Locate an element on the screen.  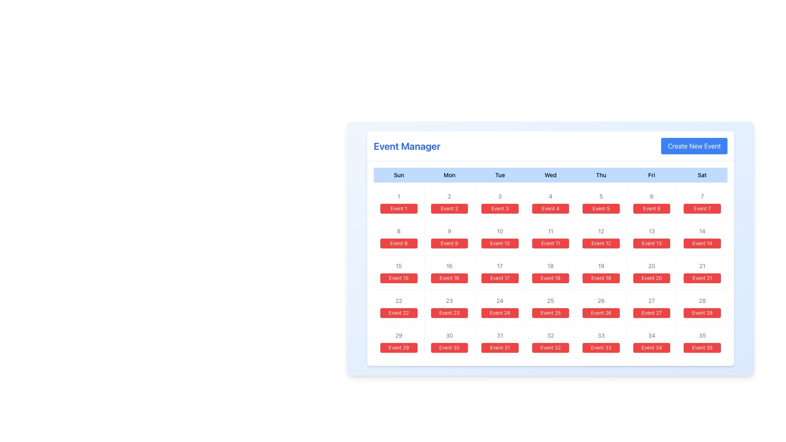
the text element that represents the day number in the calendar view, located under the 'Thu' column and in the third row, above the 'Event 12' button is located at coordinates (601, 231).